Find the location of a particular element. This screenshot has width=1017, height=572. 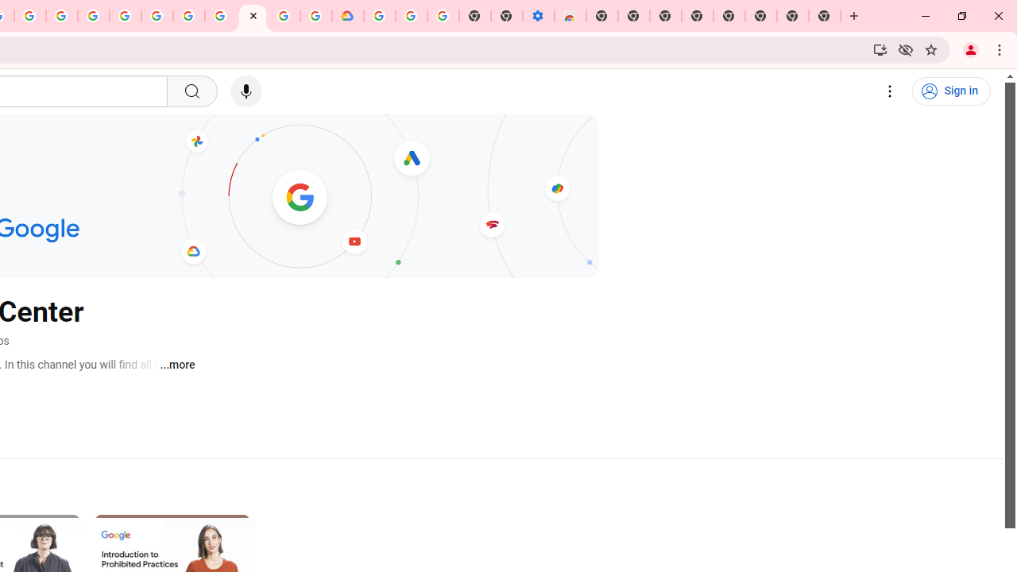

'Turn cookies on or off - Computer - Google Account Help' is located at coordinates (443, 16).